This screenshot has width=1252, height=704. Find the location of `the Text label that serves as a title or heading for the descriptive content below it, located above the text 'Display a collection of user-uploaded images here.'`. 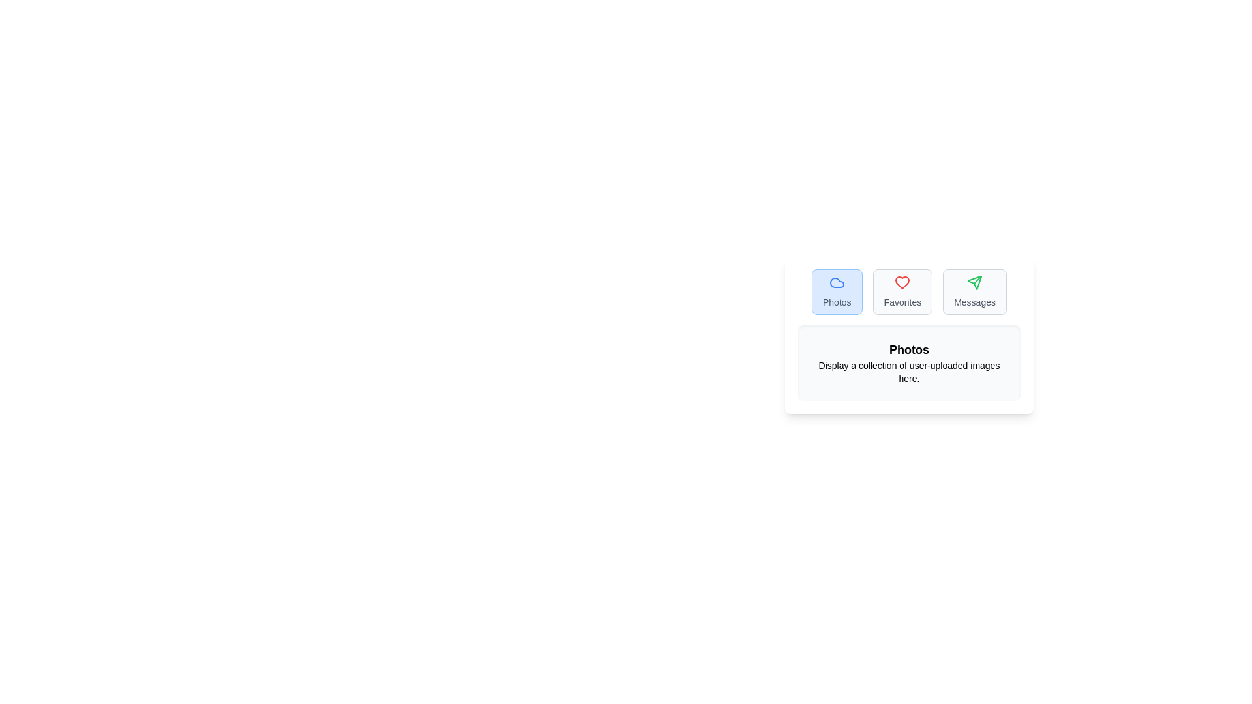

the Text label that serves as a title or heading for the descriptive content below it, located above the text 'Display a collection of user-uploaded images here.' is located at coordinates (908, 349).